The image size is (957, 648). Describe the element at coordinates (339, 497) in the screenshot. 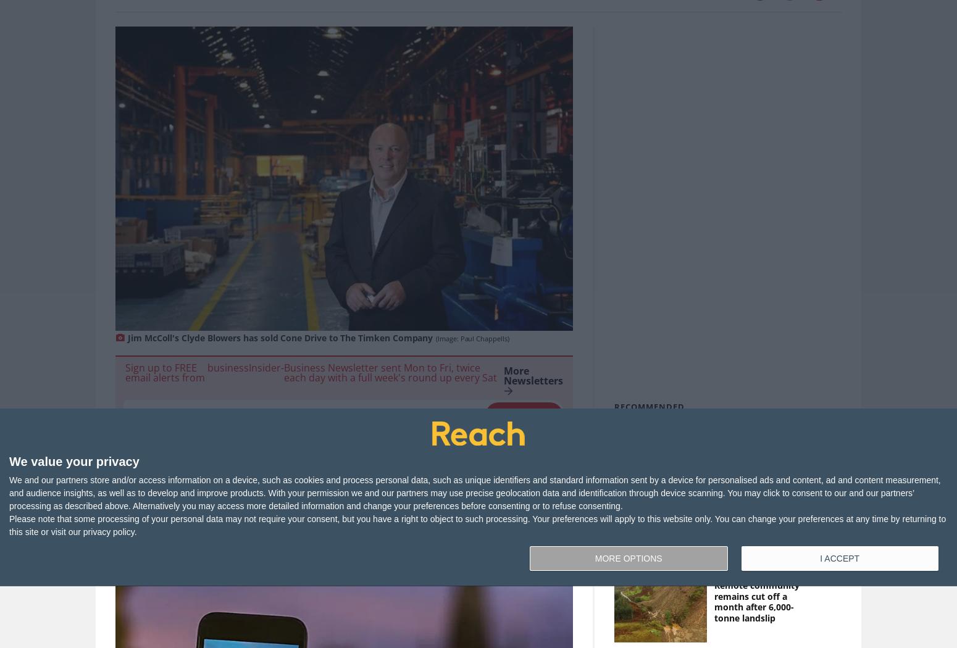

I see `'to American-based global bearings business The Timken Company in a multi-million dollar deal.'` at that location.